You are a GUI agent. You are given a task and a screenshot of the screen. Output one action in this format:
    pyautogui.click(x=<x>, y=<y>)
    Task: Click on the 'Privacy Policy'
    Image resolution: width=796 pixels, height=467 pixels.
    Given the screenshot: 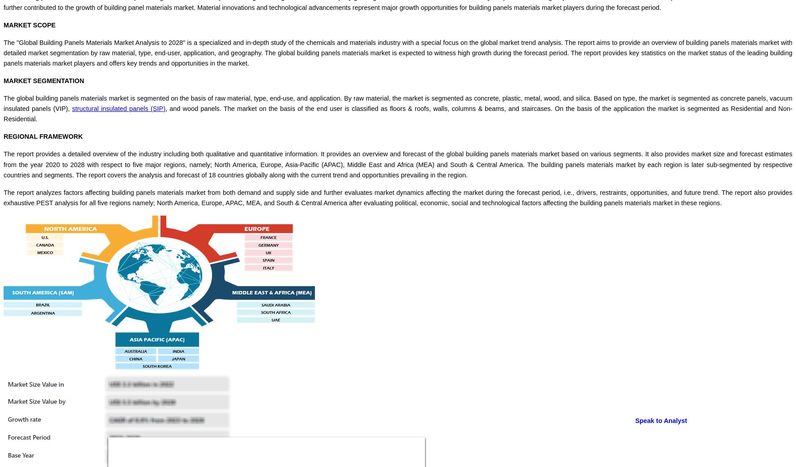 What is the action you would take?
    pyautogui.click(x=41, y=225)
    